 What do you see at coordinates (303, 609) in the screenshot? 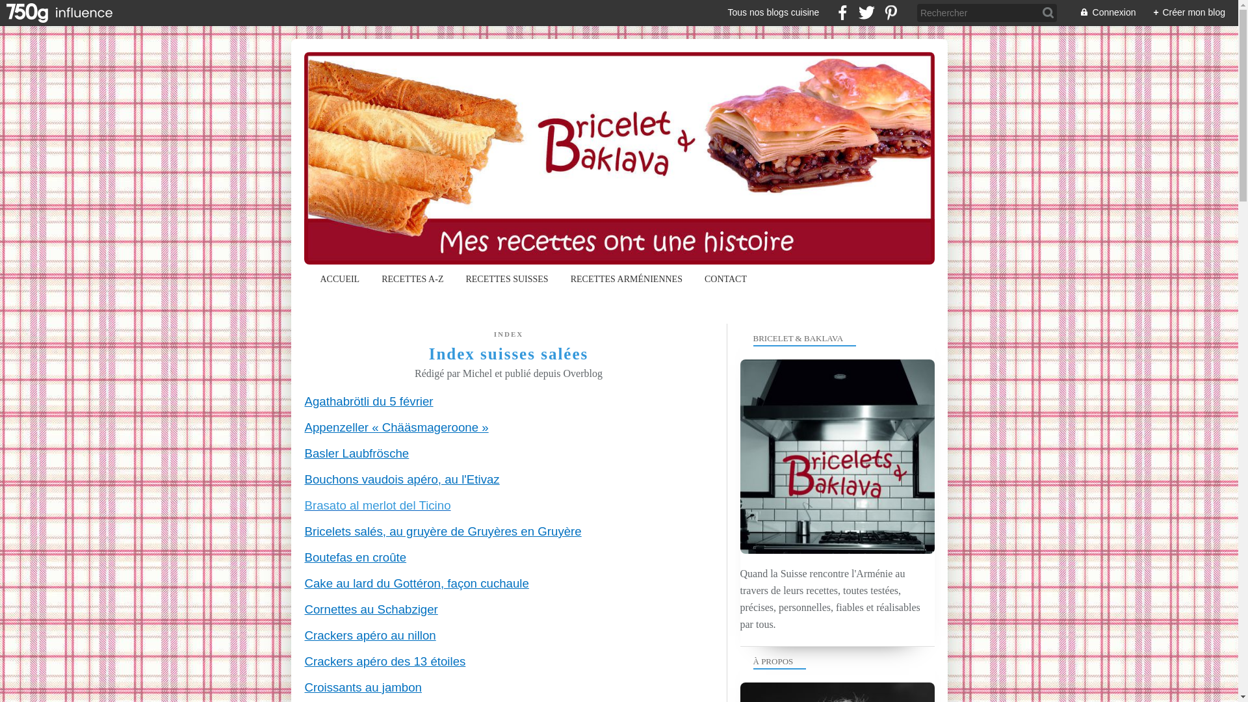
I see `'Cornettes au Schabziger'` at bounding box center [303, 609].